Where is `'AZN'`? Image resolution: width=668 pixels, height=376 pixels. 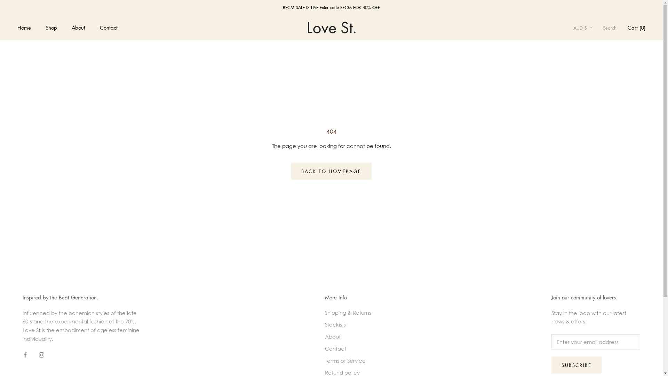 'AZN' is located at coordinates (573, 120).